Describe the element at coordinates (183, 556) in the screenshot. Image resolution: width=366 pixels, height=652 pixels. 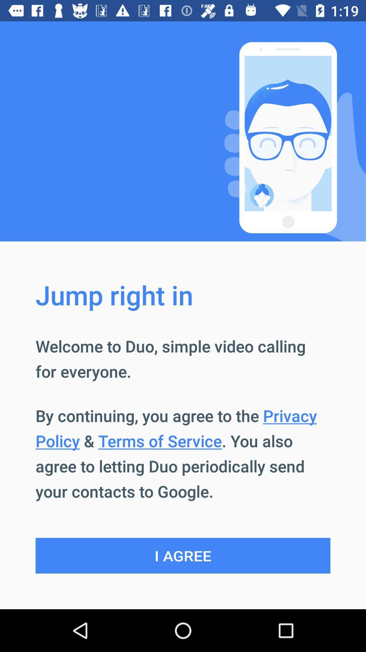
I see `the i agree icon` at that location.